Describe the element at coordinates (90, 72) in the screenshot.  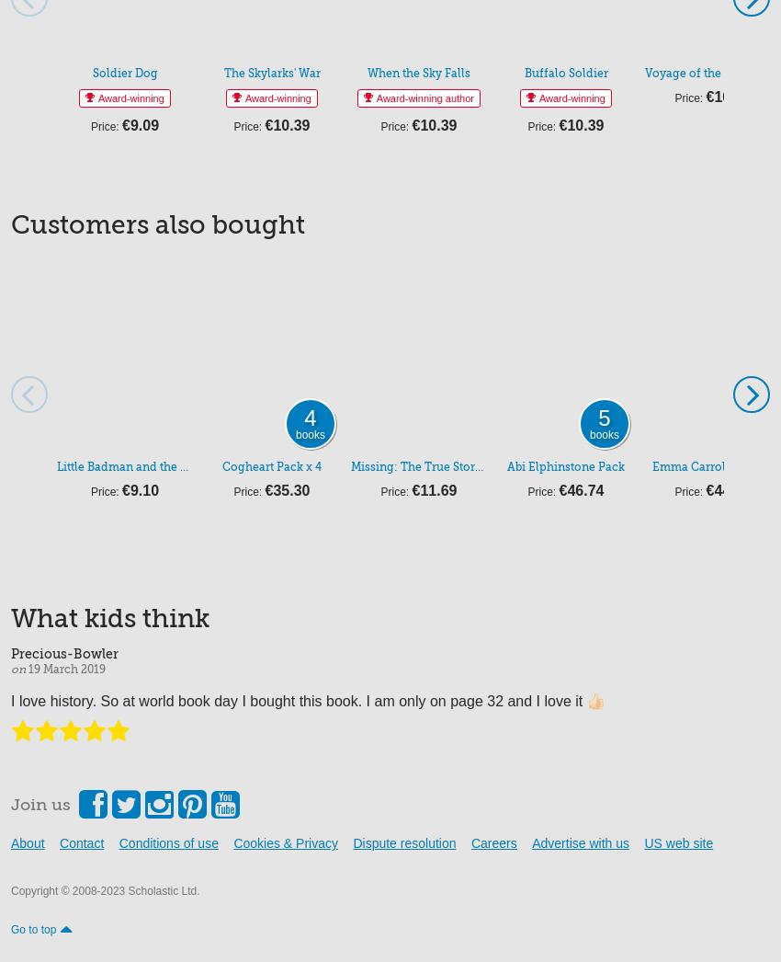
I see `'Soldier Dog'` at that location.